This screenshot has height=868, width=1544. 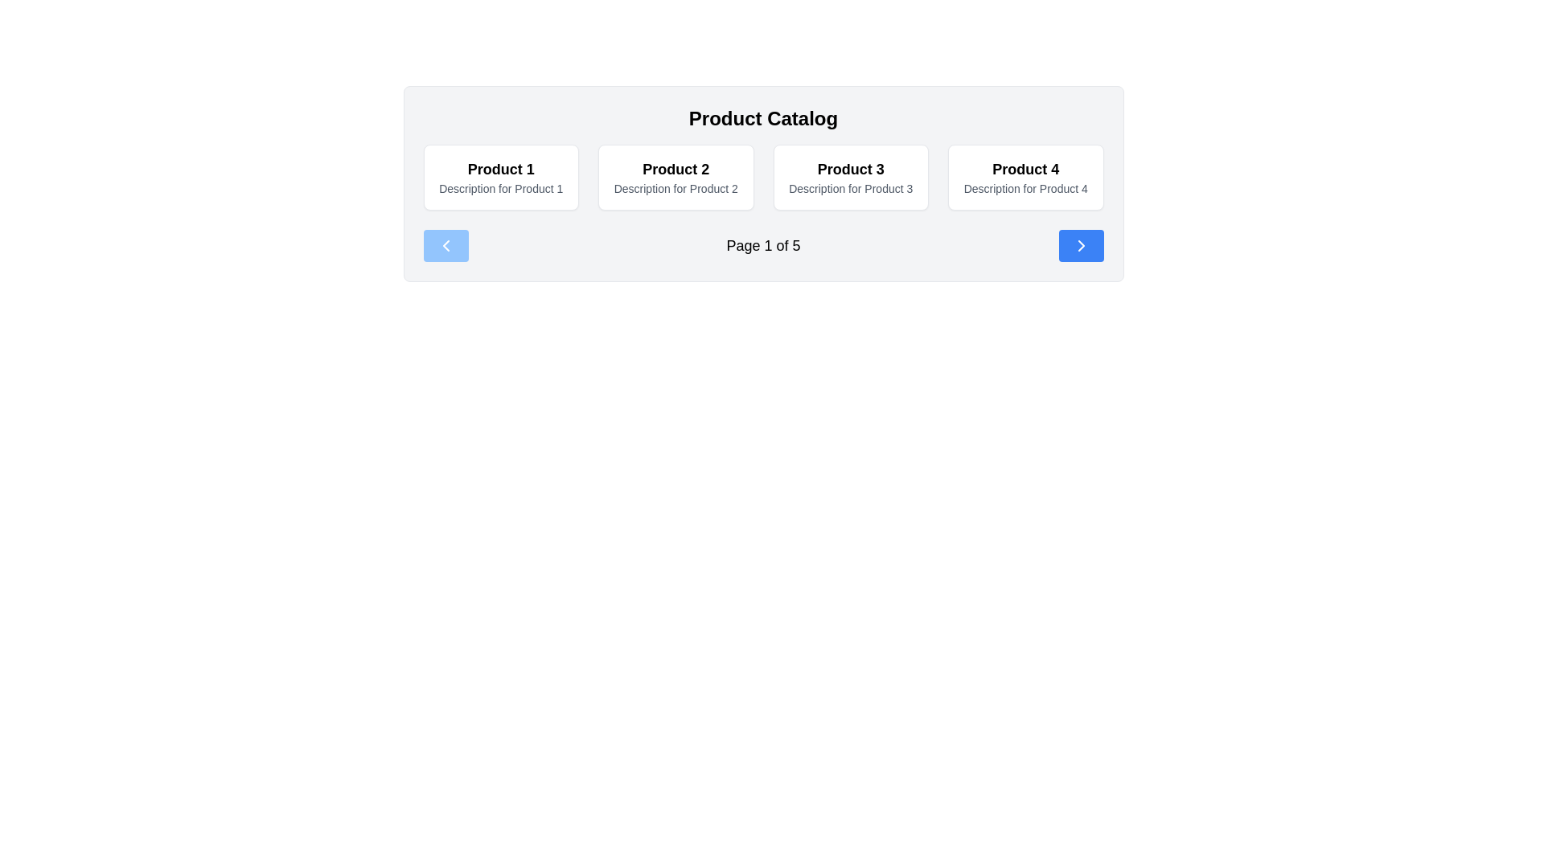 I want to click on the third product display unit card in the grid layout, which showcases the product title and description, located between 'Product 2' and 'Product 4', so click(x=850, y=177).